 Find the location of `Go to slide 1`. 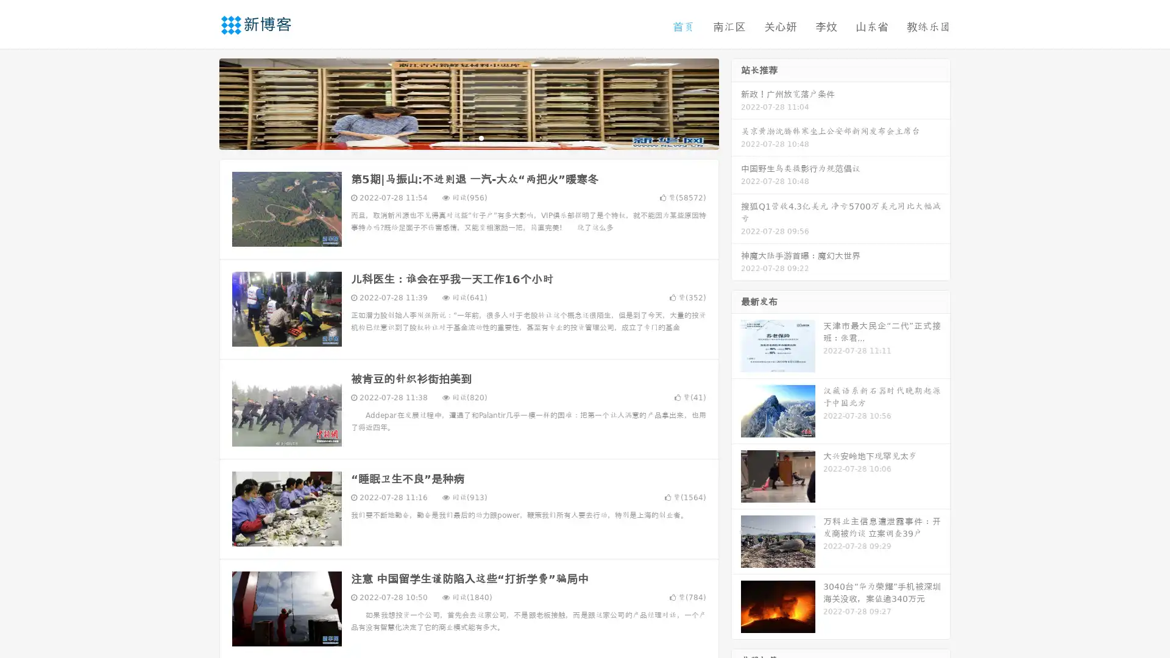

Go to slide 1 is located at coordinates (456, 137).